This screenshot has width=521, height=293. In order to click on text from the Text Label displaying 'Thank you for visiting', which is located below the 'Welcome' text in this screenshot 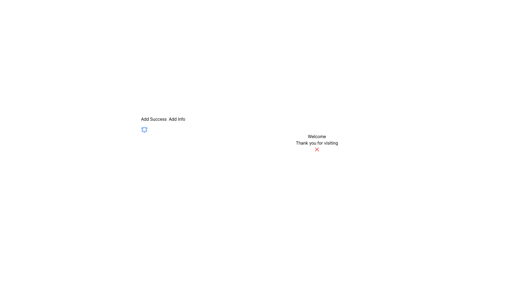, I will do `click(317, 143)`.